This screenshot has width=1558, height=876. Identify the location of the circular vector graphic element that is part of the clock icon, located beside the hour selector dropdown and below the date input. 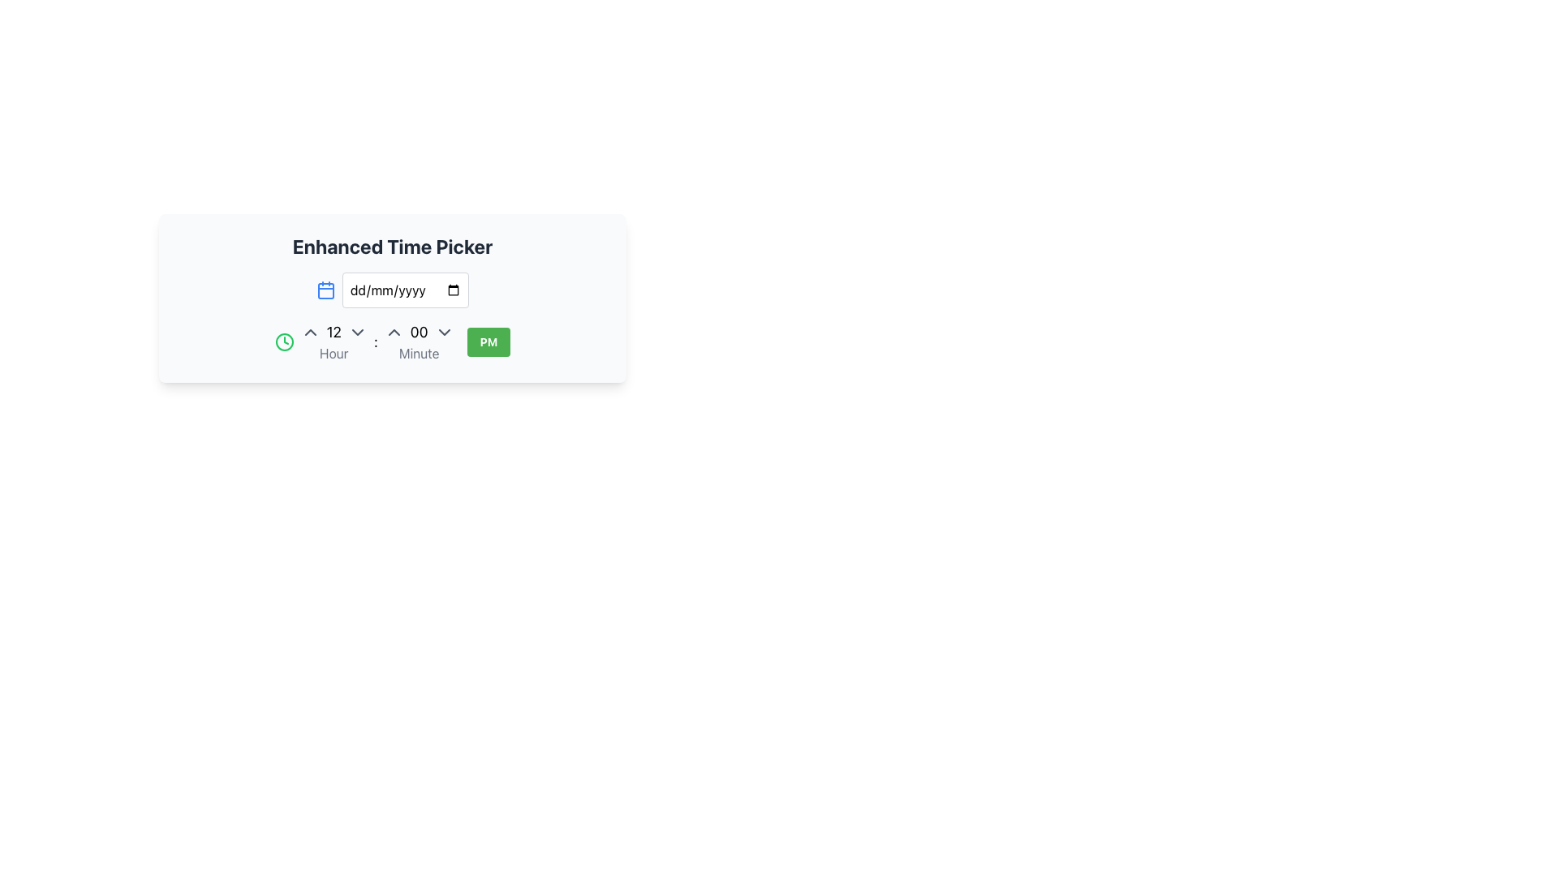
(284, 341).